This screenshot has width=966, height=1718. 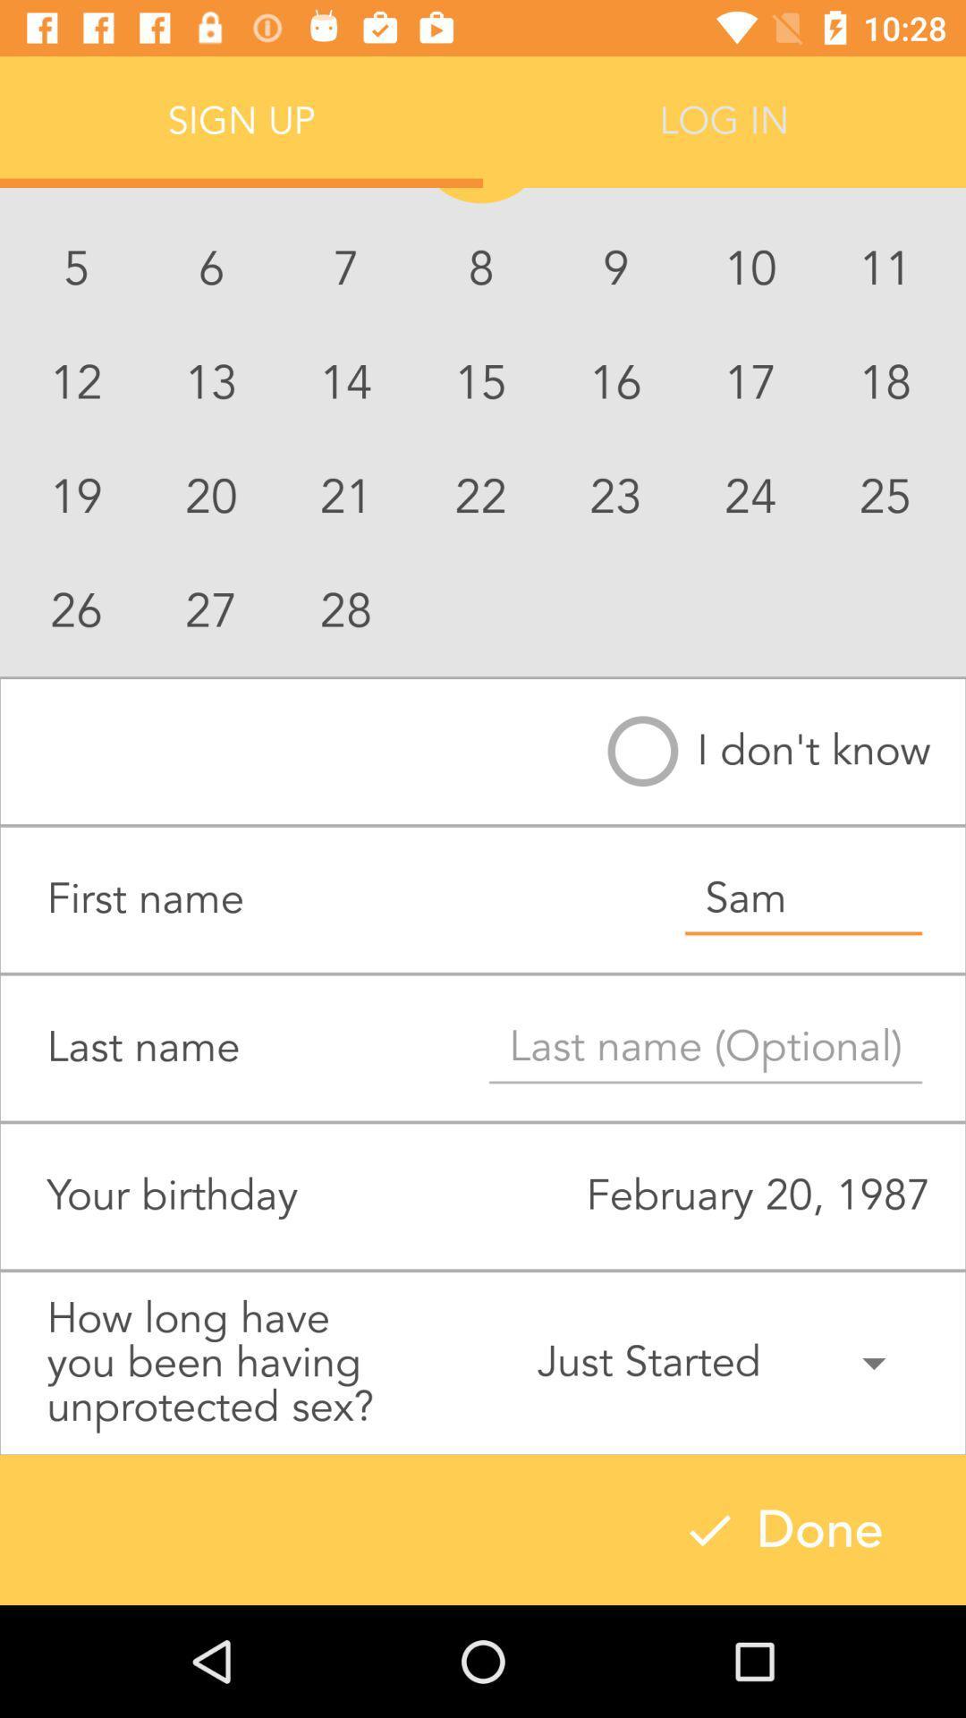 I want to click on last name, so click(x=705, y=1048).